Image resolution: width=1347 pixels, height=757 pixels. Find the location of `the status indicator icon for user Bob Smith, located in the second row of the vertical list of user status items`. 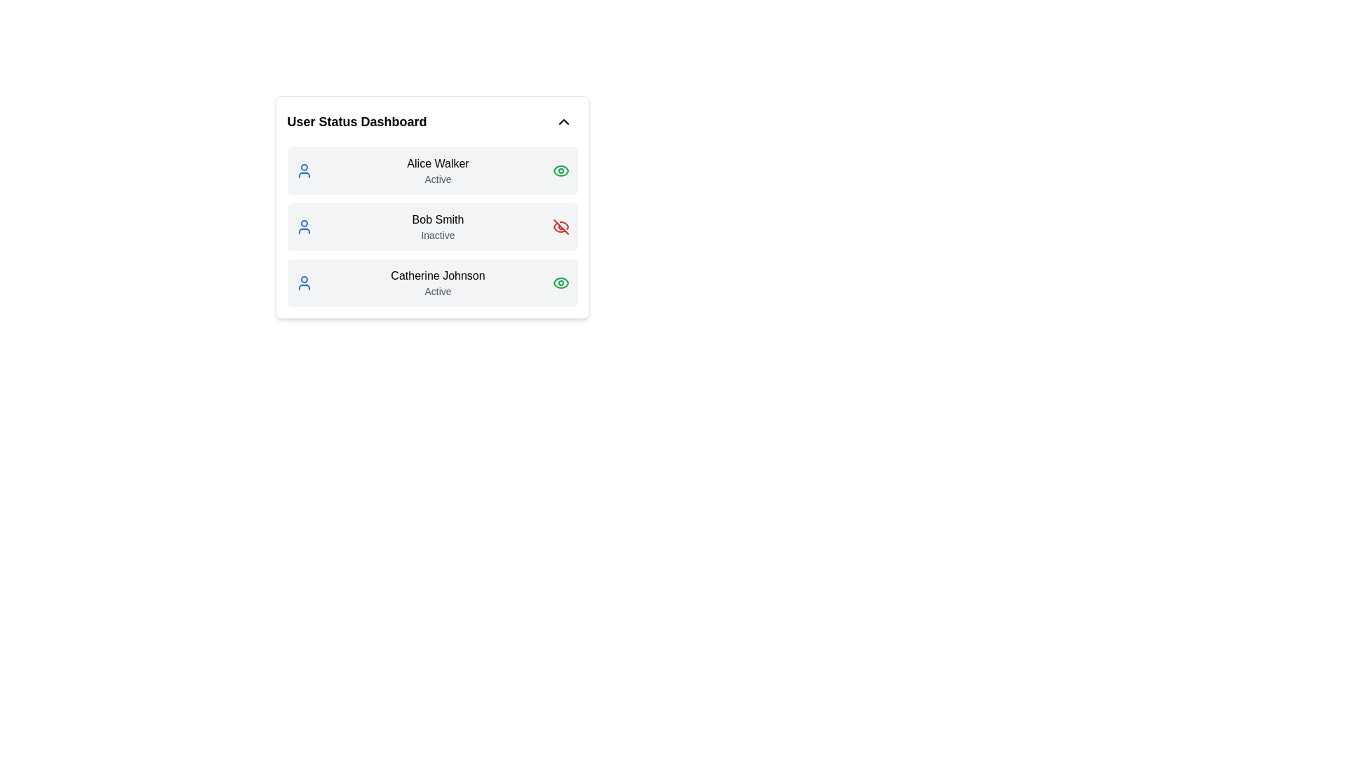

the status indicator icon for user Bob Smith, located in the second row of the vertical list of user status items is located at coordinates (560, 226).